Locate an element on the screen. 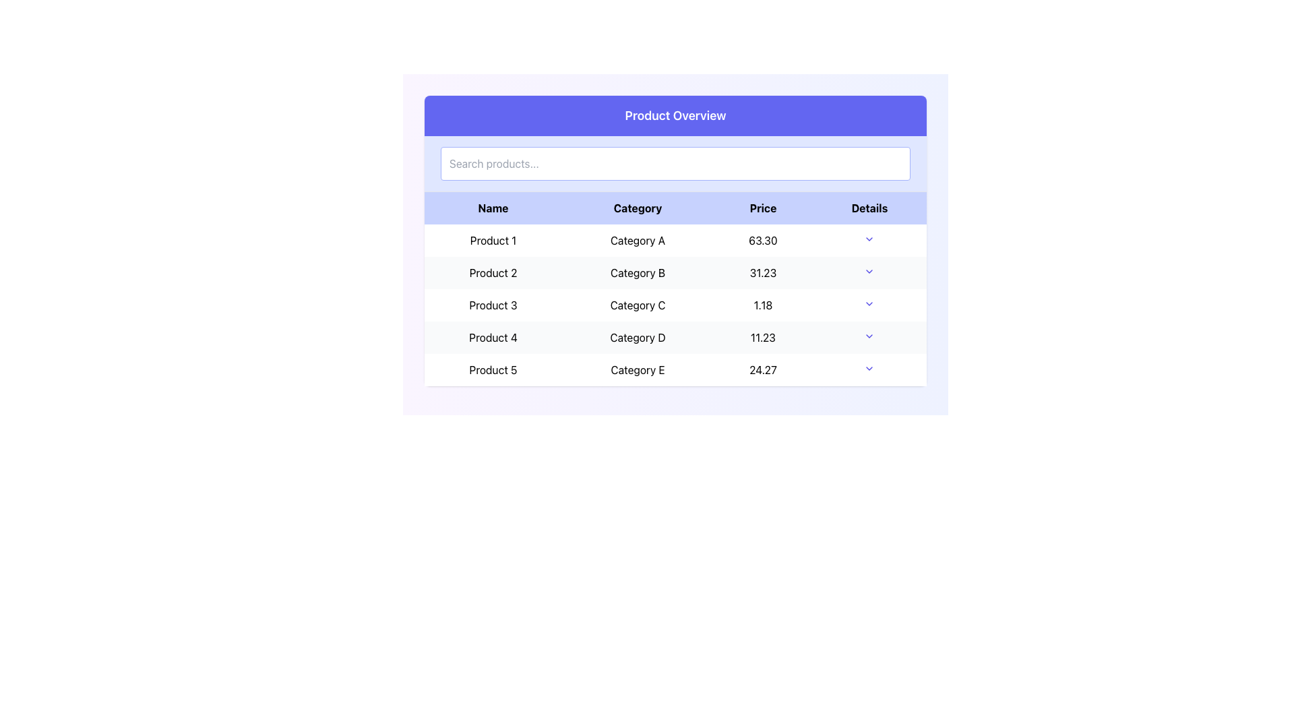 The width and height of the screenshot is (1294, 728). the non-interactive text label displaying the name 'Product 5', located in the leftmost column of the fifth row of the table is located at coordinates (493, 369).